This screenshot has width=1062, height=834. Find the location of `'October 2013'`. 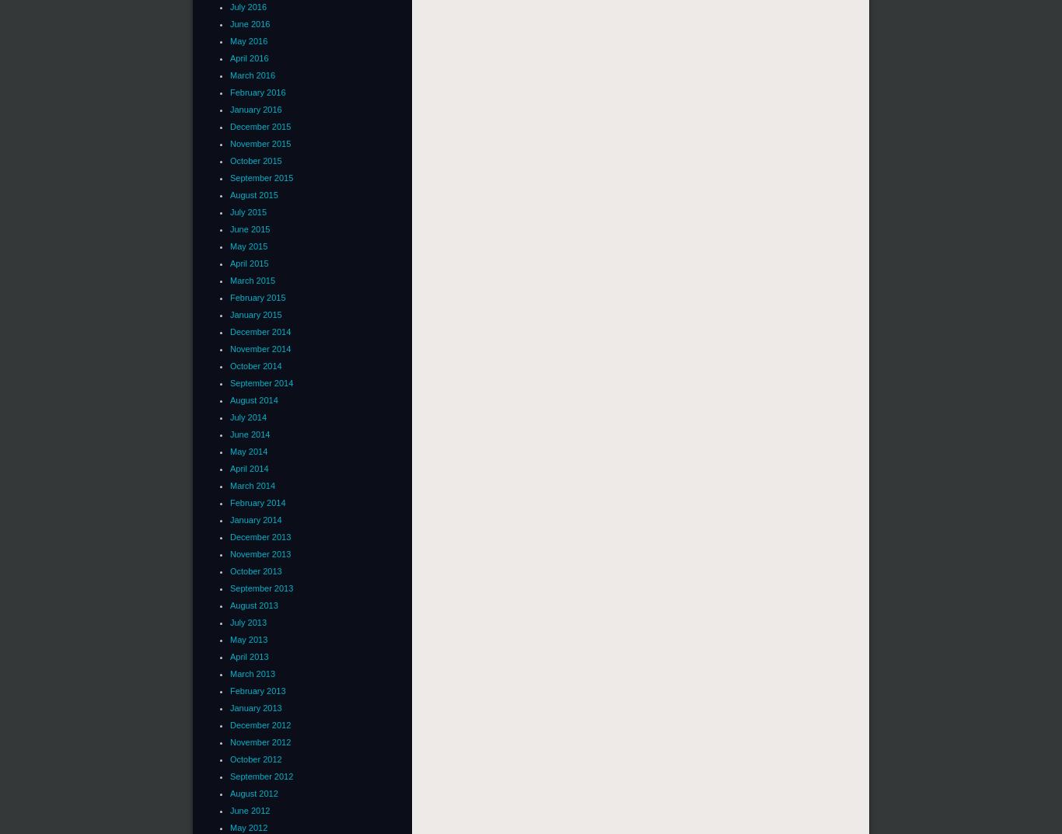

'October 2013' is located at coordinates (230, 570).